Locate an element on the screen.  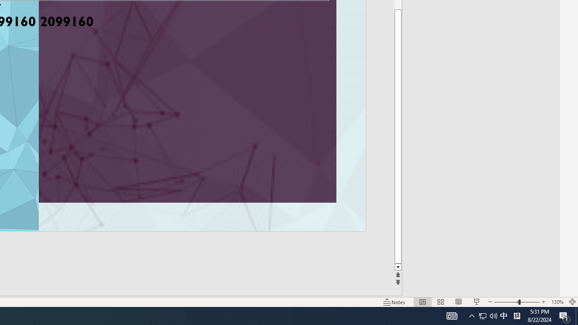
'Line down' is located at coordinates (411, 267).